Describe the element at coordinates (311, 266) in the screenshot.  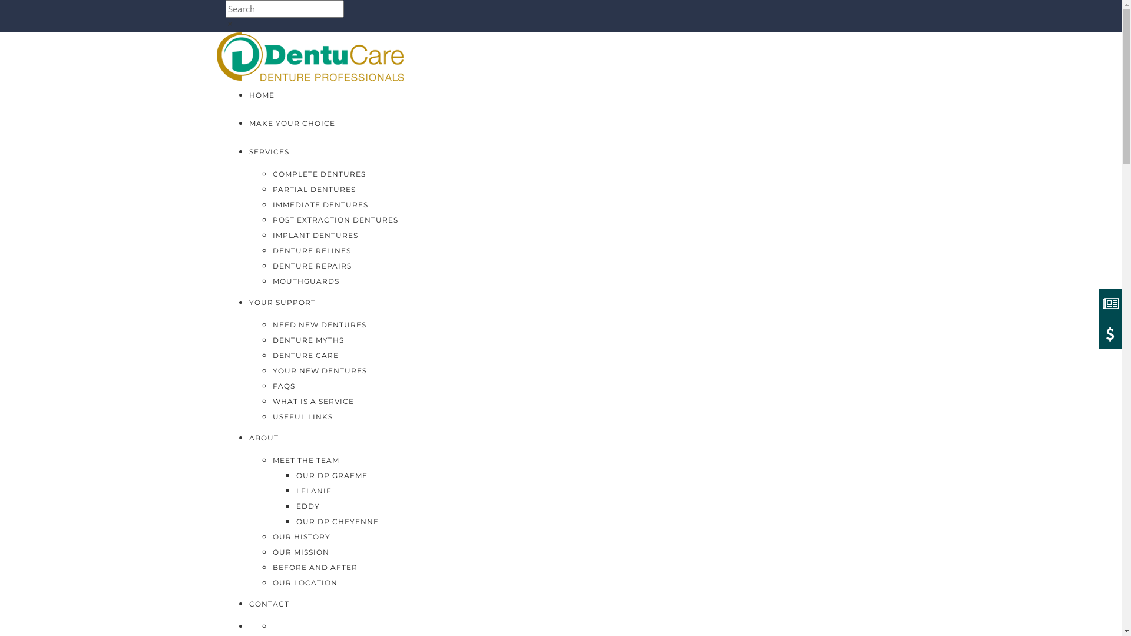
I see `'DENTURE REPAIRS'` at that location.